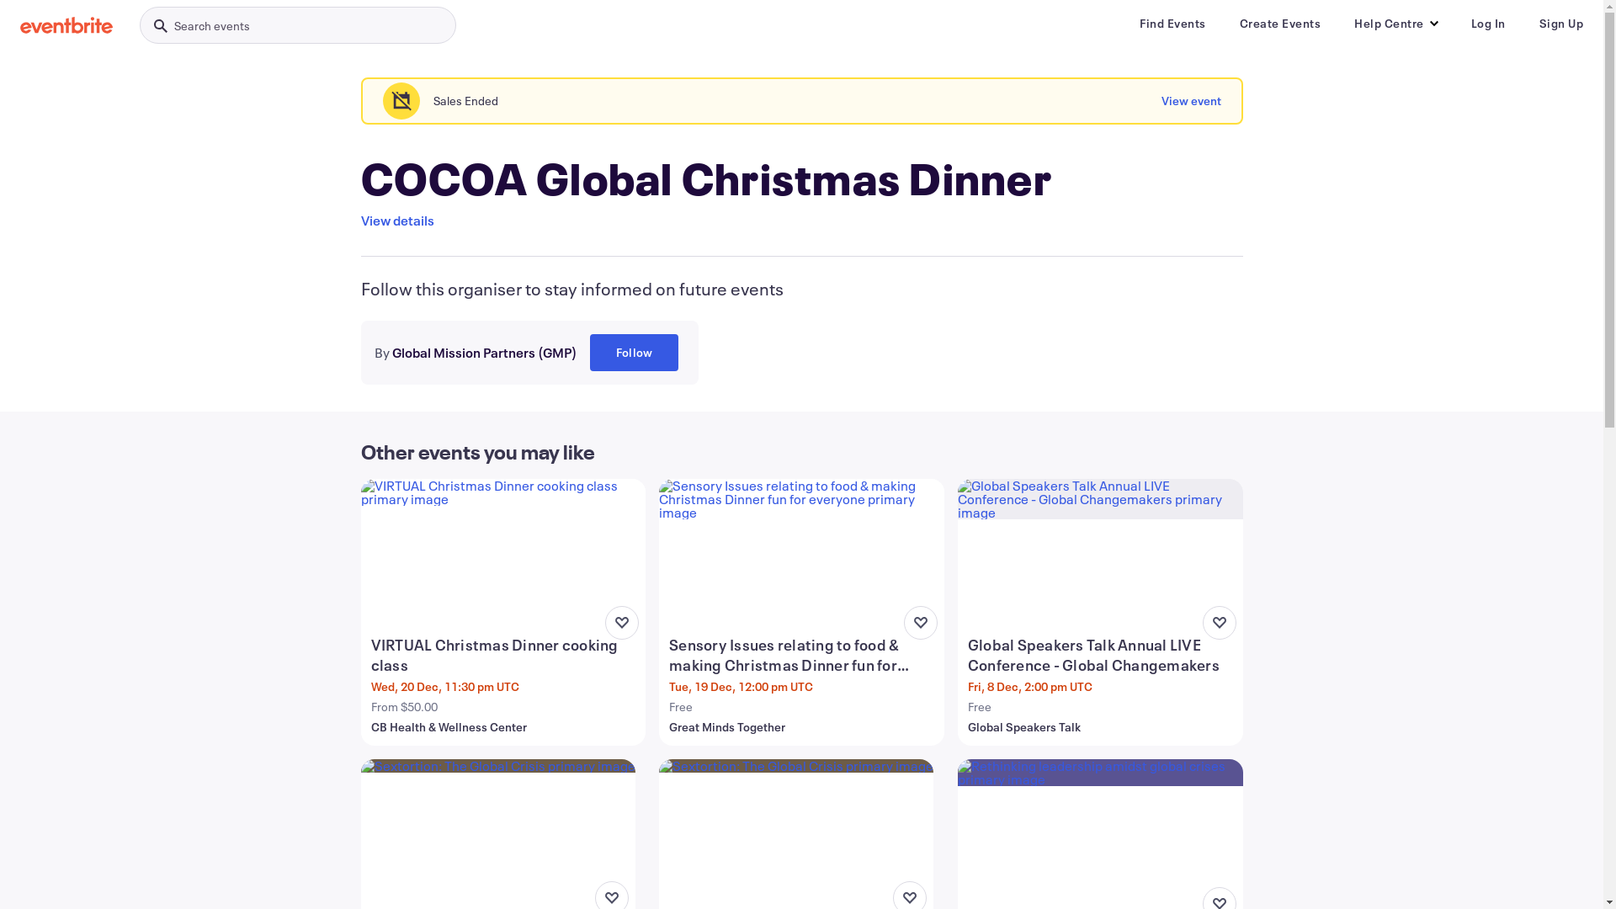 The image size is (1616, 909). What do you see at coordinates (1172, 23) in the screenshot?
I see `'Find Events'` at bounding box center [1172, 23].